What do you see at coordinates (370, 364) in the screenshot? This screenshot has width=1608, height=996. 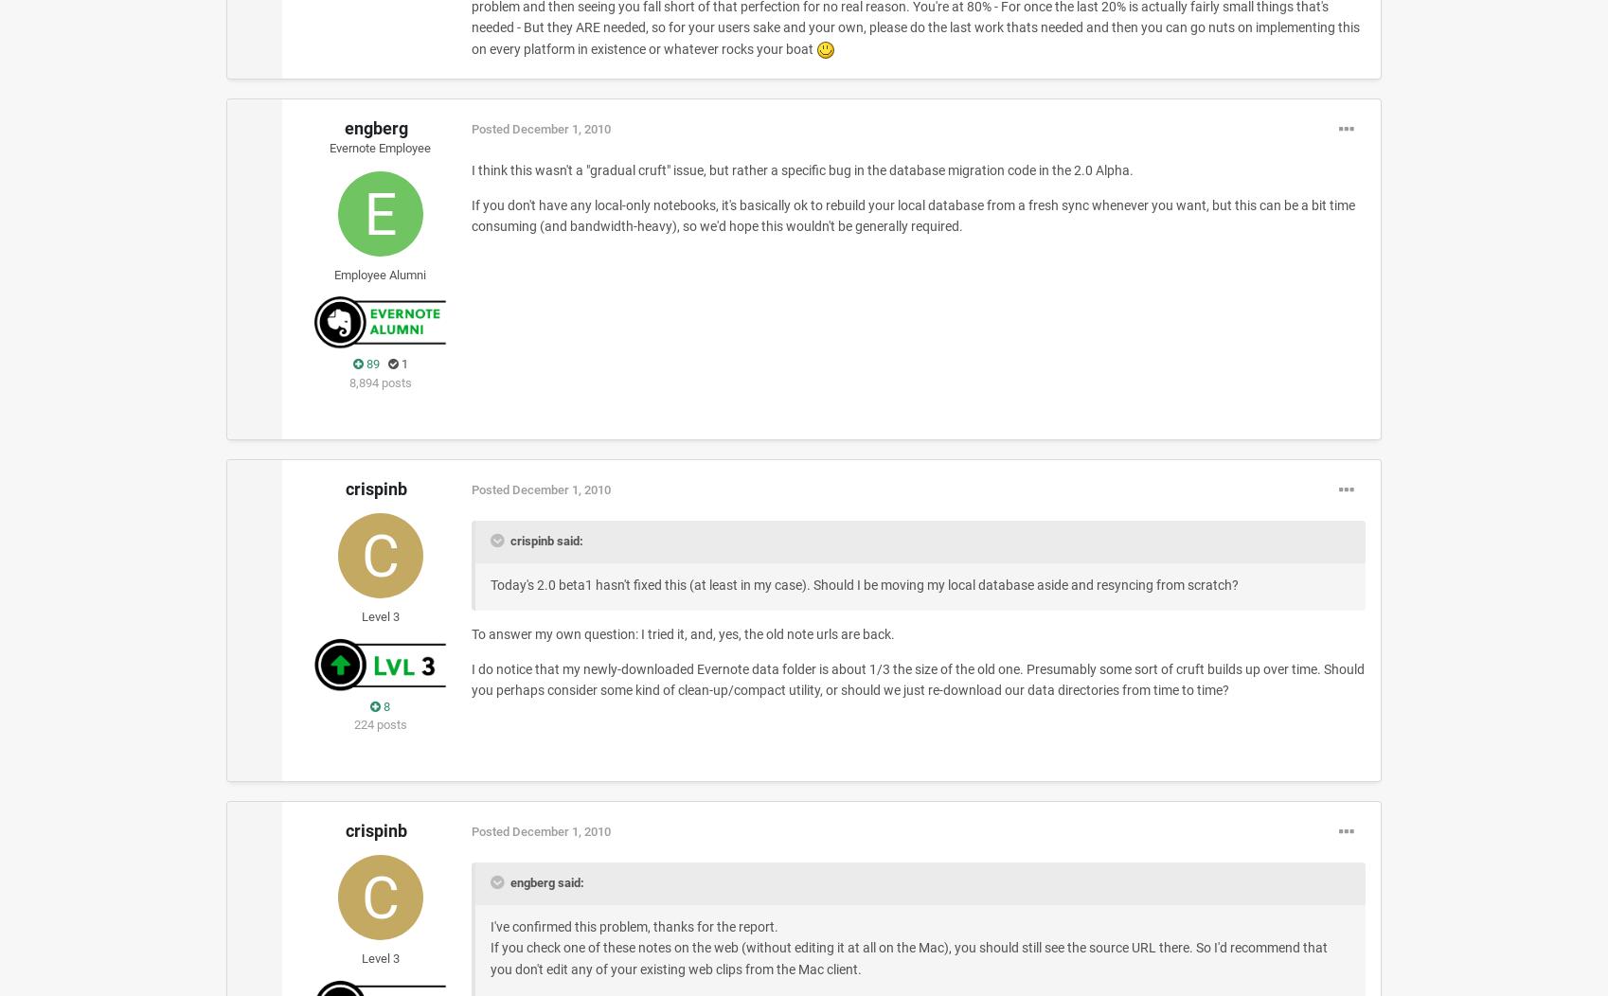 I see `'89'` at bounding box center [370, 364].